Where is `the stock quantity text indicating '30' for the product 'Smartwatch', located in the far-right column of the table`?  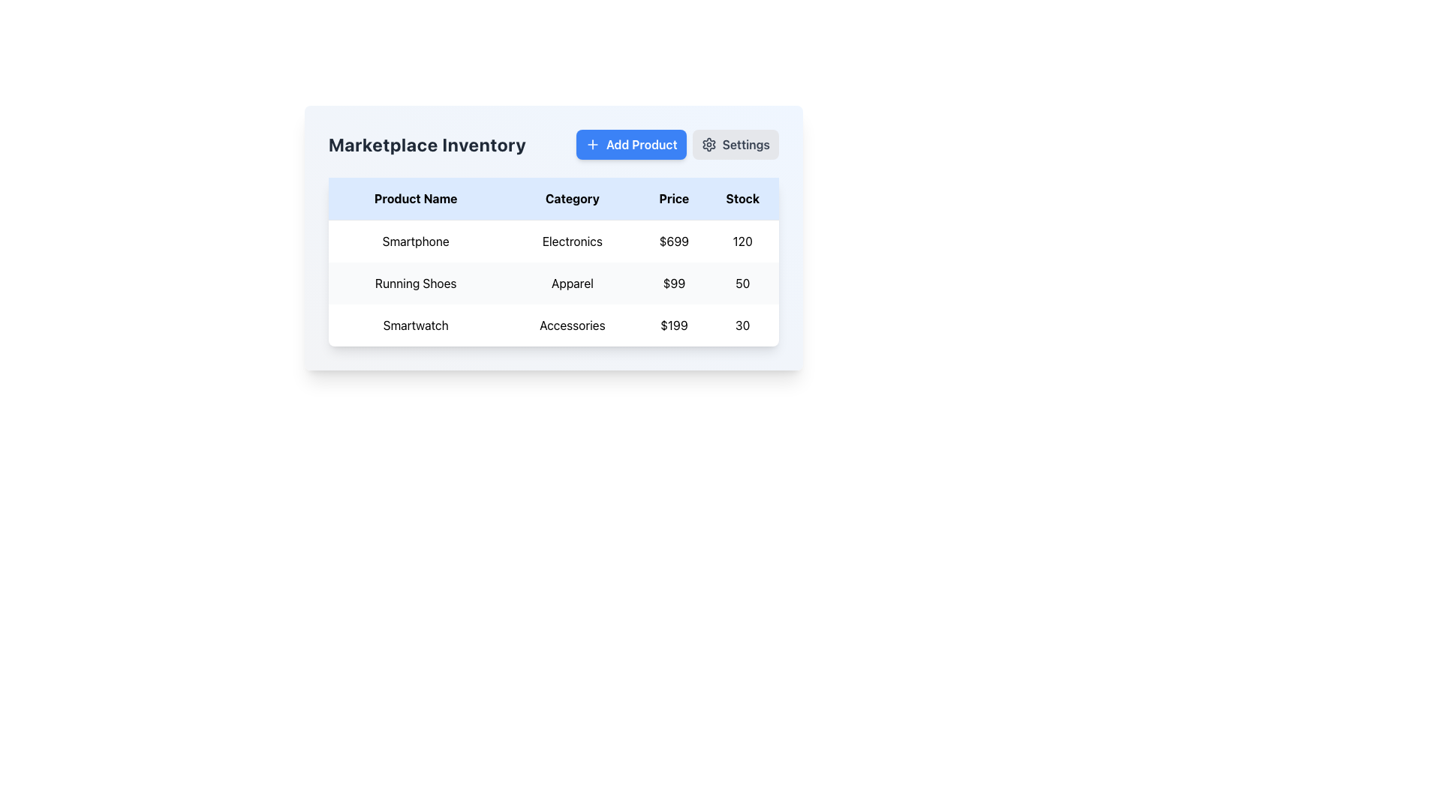 the stock quantity text indicating '30' for the product 'Smartwatch', located in the far-right column of the table is located at coordinates (742, 325).